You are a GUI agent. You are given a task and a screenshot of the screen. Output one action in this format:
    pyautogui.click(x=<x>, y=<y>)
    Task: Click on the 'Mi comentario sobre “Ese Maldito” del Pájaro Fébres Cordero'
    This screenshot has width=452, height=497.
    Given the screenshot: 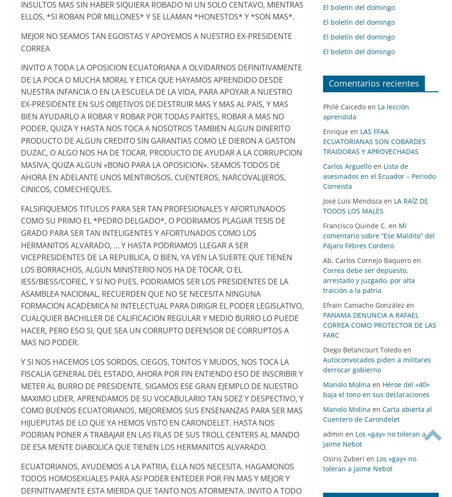 What is the action you would take?
    pyautogui.click(x=378, y=235)
    